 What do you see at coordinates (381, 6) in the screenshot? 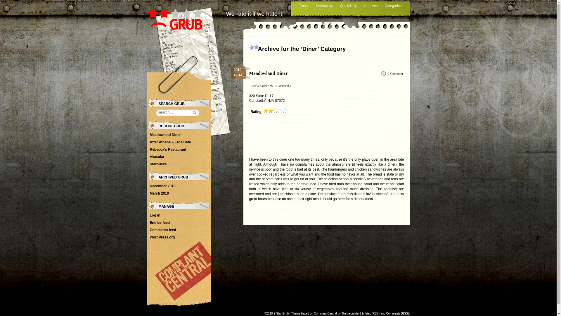
I see `'Categories'` at bounding box center [381, 6].